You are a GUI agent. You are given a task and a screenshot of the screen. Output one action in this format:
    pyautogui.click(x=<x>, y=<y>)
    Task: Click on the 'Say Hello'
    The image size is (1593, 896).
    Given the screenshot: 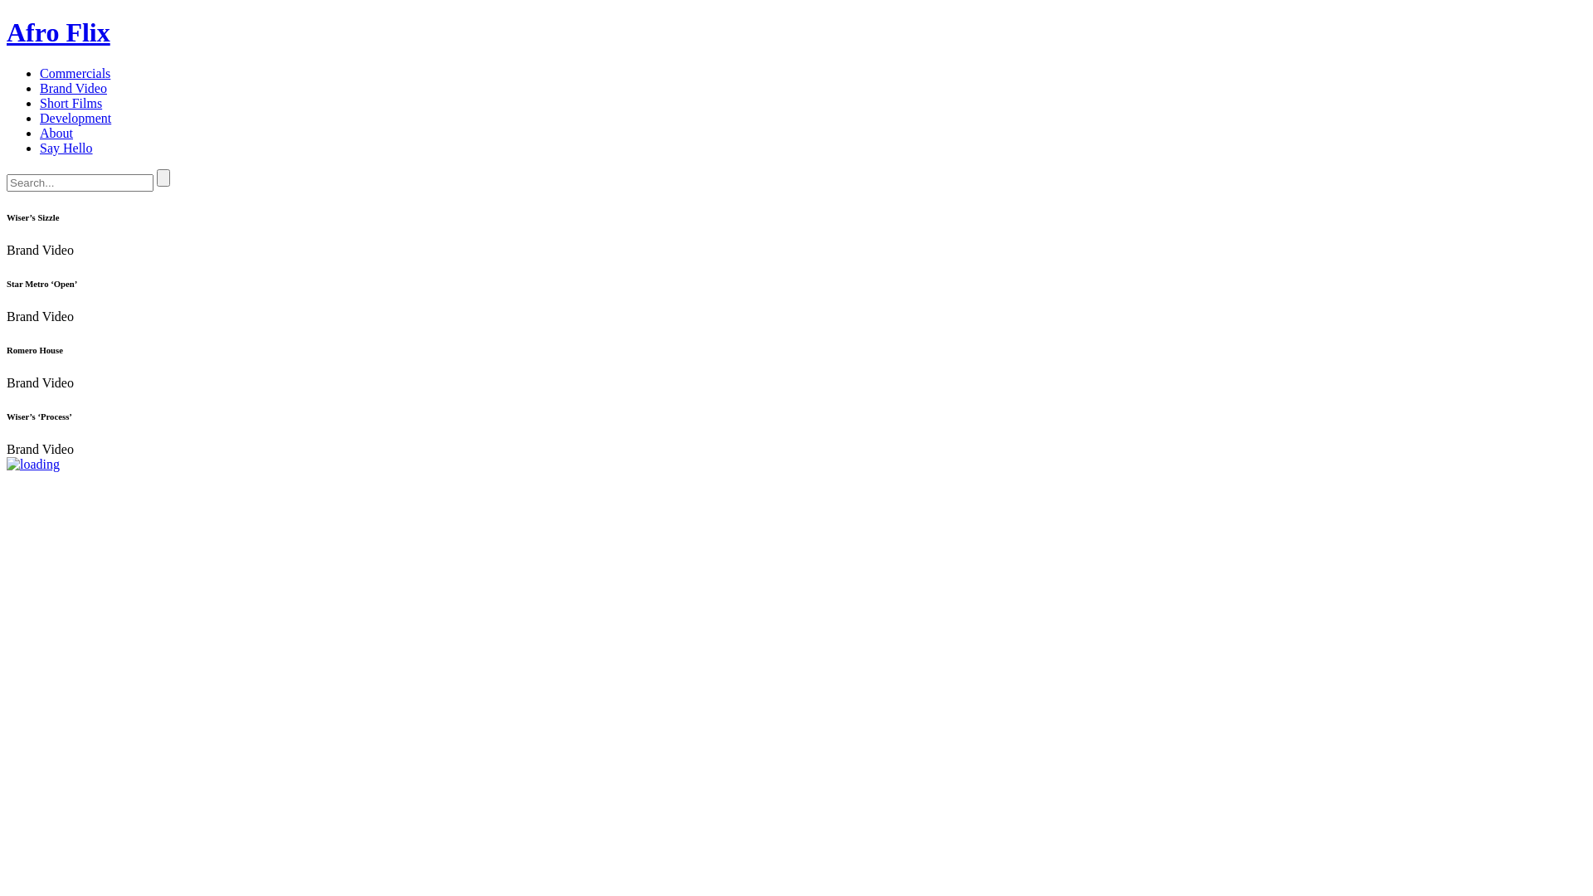 What is the action you would take?
    pyautogui.click(x=40, y=147)
    